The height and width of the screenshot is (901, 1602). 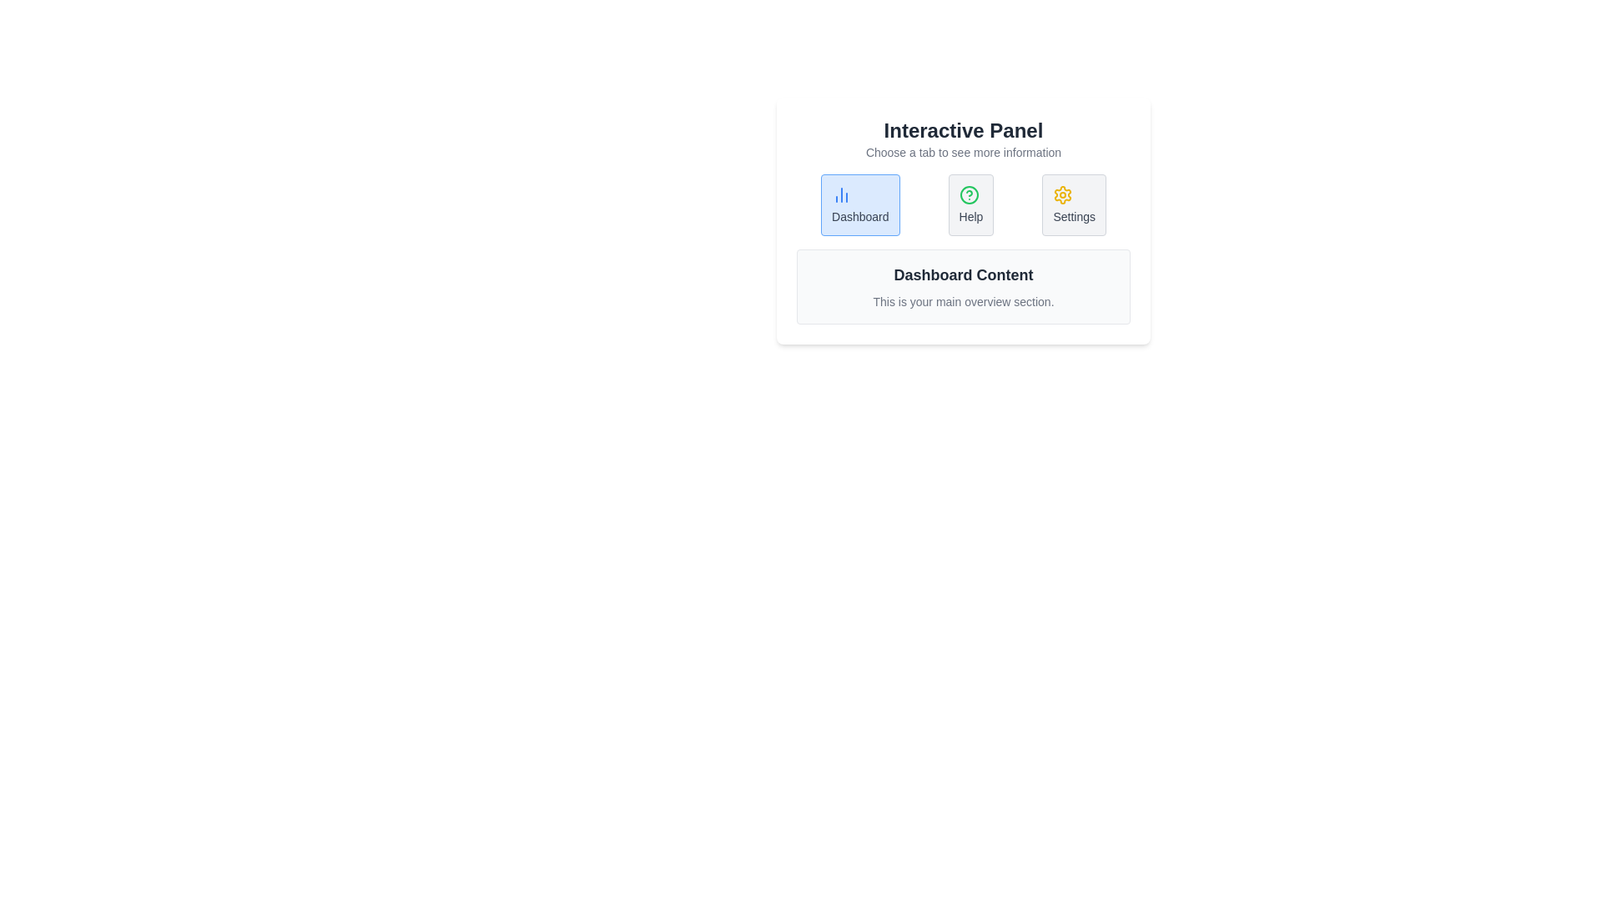 I want to click on the static text element that serves as the heading for the 'Dashboard Content' area, located below the 'Interactive Panel' heading, so click(x=964, y=274).